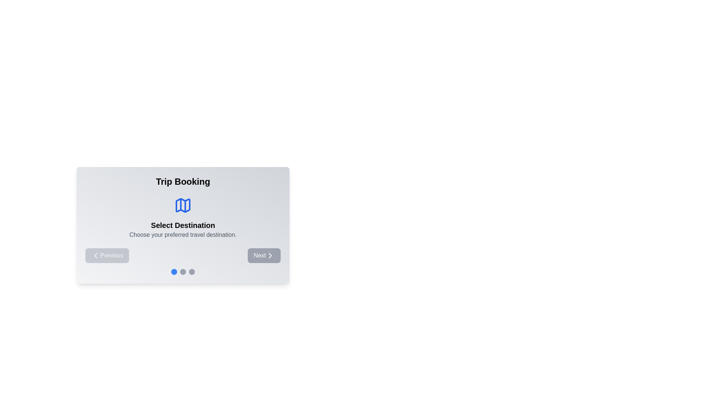  I want to click on the second button in the navigation bar at the bottom of the dialog box, so click(264, 255).